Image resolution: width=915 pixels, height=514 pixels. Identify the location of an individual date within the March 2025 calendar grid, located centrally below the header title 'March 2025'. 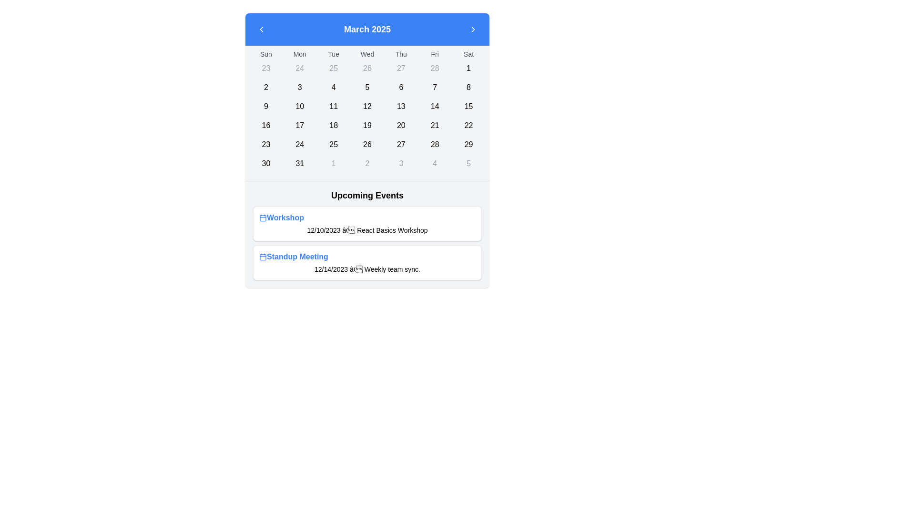
(367, 111).